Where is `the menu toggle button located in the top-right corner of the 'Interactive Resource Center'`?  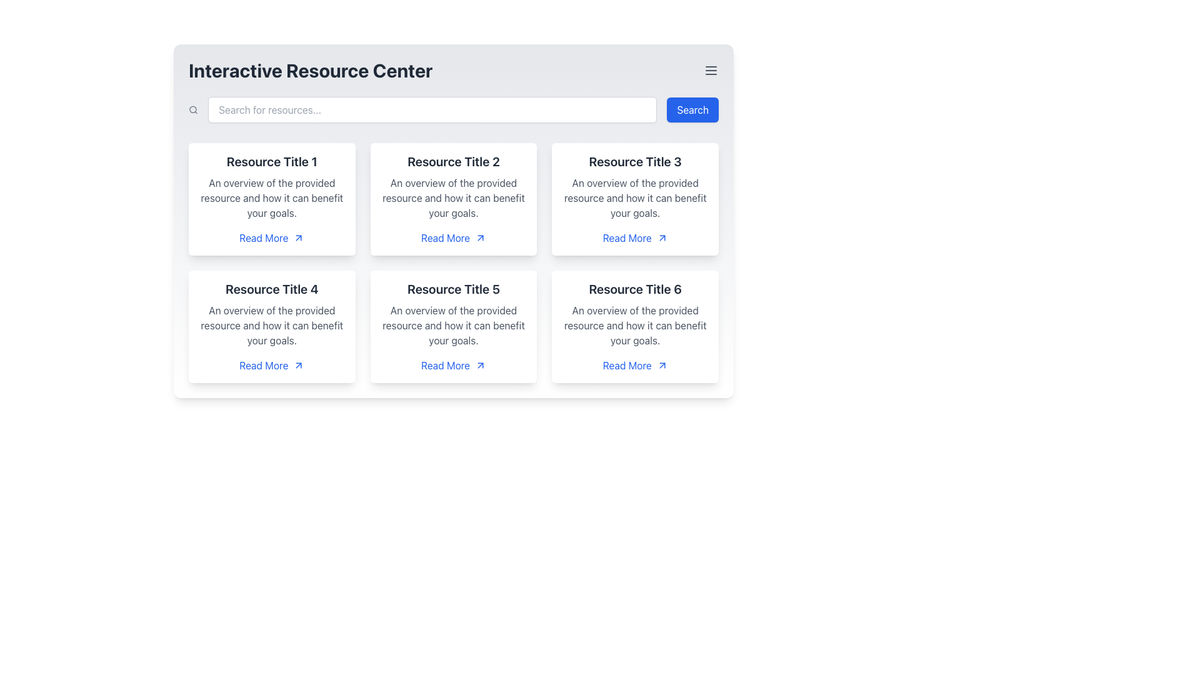 the menu toggle button located in the top-right corner of the 'Interactive Resource Center' is located at coordinates (711, 70).